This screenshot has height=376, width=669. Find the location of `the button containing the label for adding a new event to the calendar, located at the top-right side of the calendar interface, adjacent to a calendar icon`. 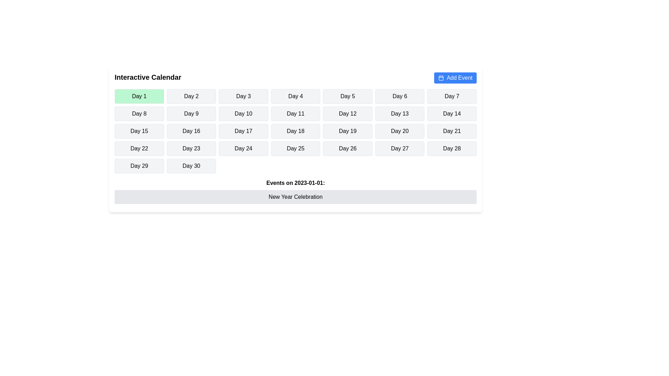

the button containing the label for adding a new event to the calendar, located at the top-right side of the calendar interface, adjacent to a calendar icon is located at coordinates (460, 78).